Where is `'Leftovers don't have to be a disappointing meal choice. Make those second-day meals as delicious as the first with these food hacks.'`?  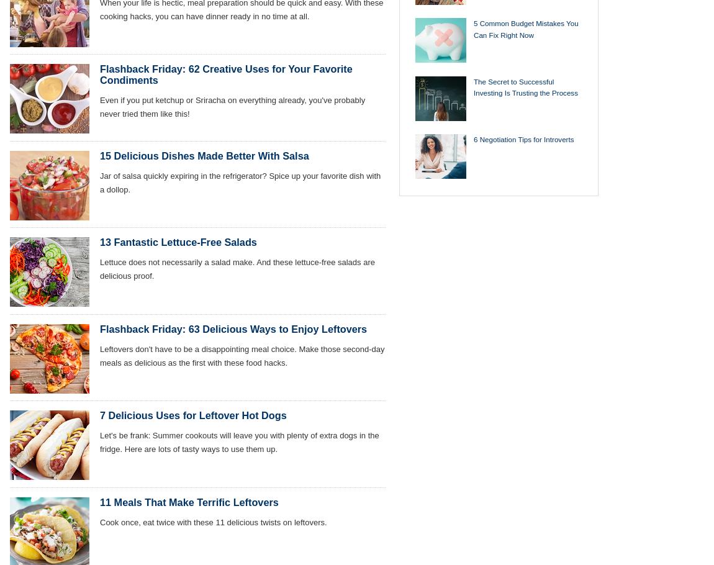 'Leftovers don't have to be a disappointing meal choice. Make those second-day meals as delicious as the first with these food hacks.' is located at coordinates (242, 355).